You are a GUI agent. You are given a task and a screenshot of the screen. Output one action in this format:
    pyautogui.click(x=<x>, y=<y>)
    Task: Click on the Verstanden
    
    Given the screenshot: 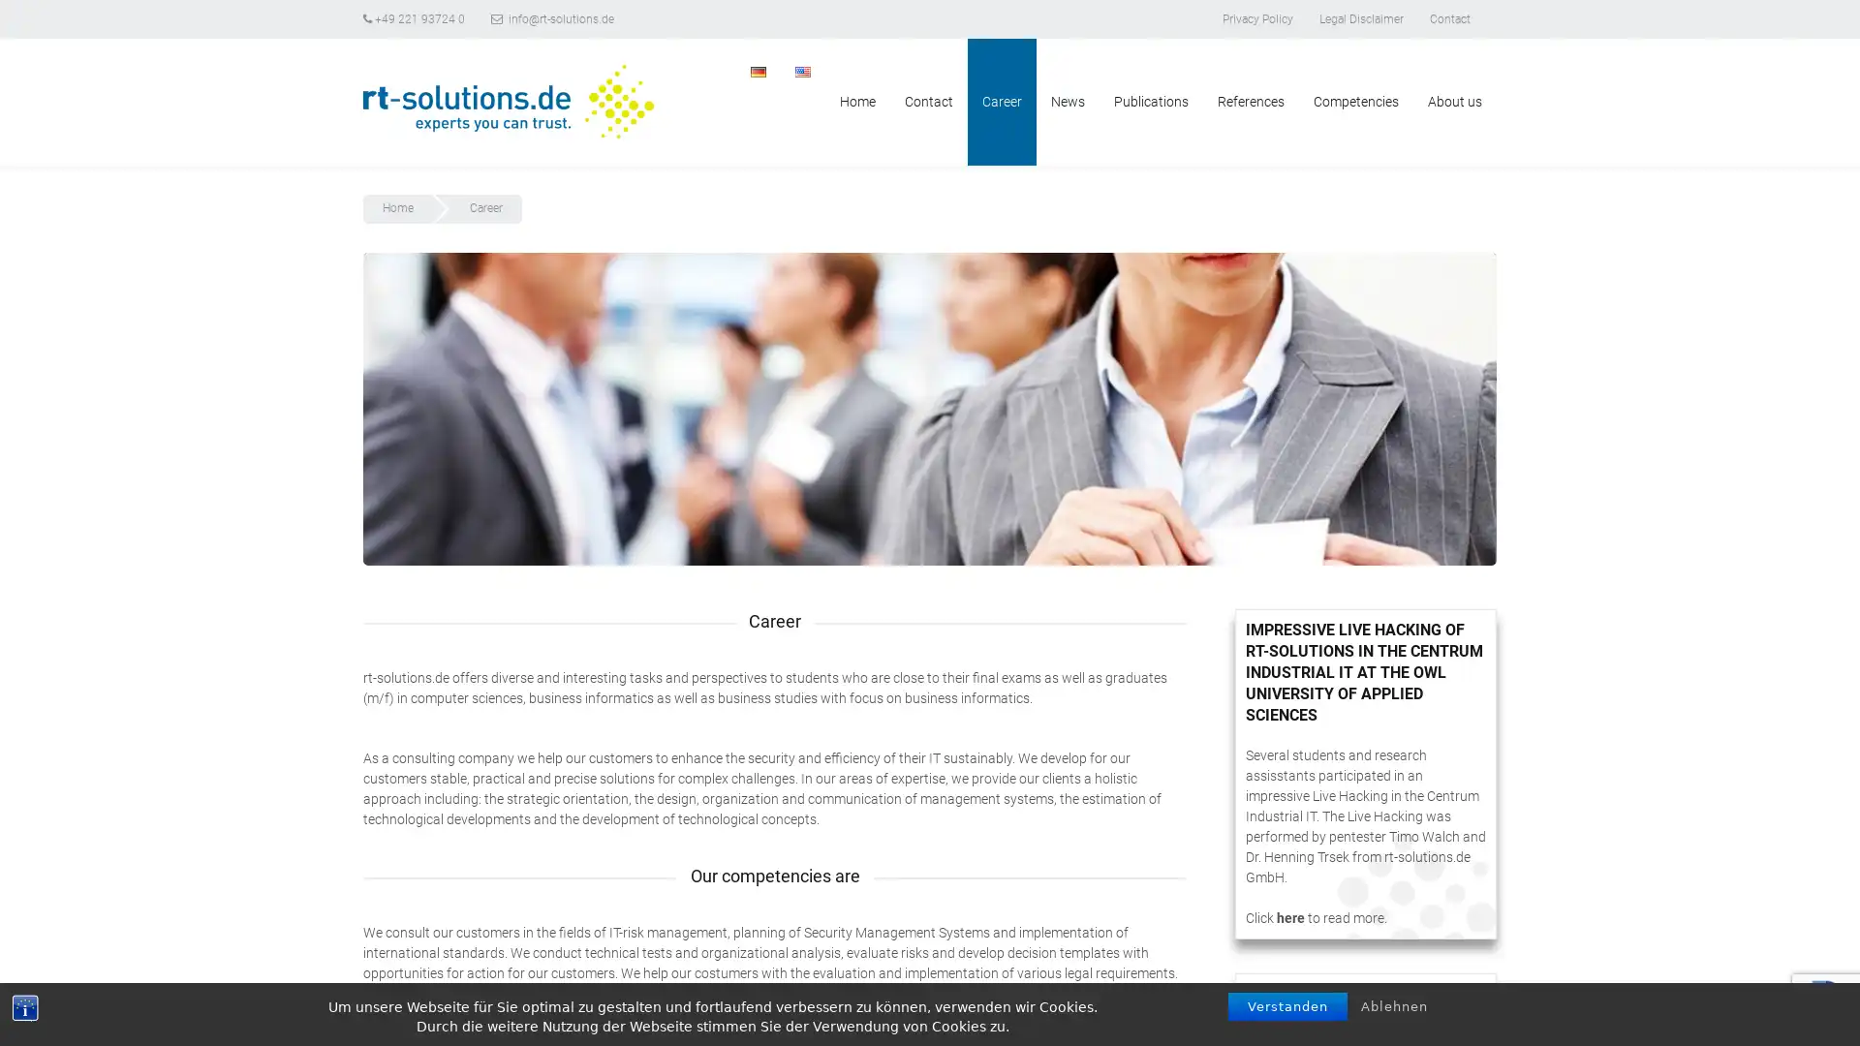 What is the action you would take?
    pyautogui.click(x=1287, y=1005)
    